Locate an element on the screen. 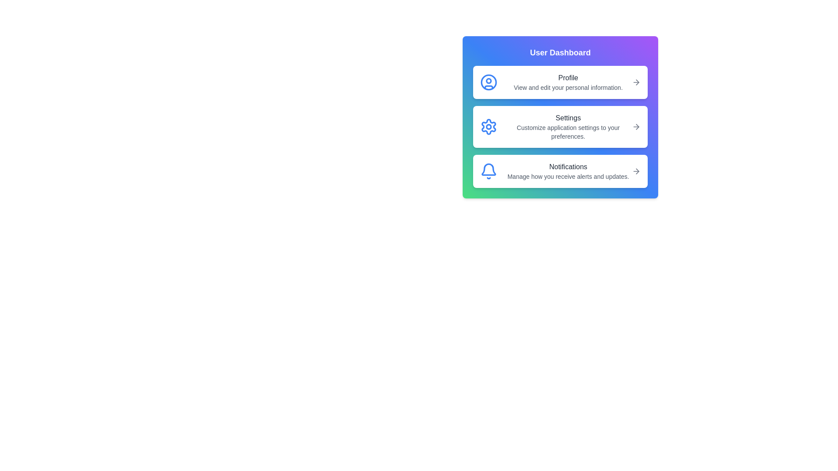 Image resolution: width=838 pixels, height=471 pixels. the Notifications icon to view its context menu options is located at coordinates (488, 171).